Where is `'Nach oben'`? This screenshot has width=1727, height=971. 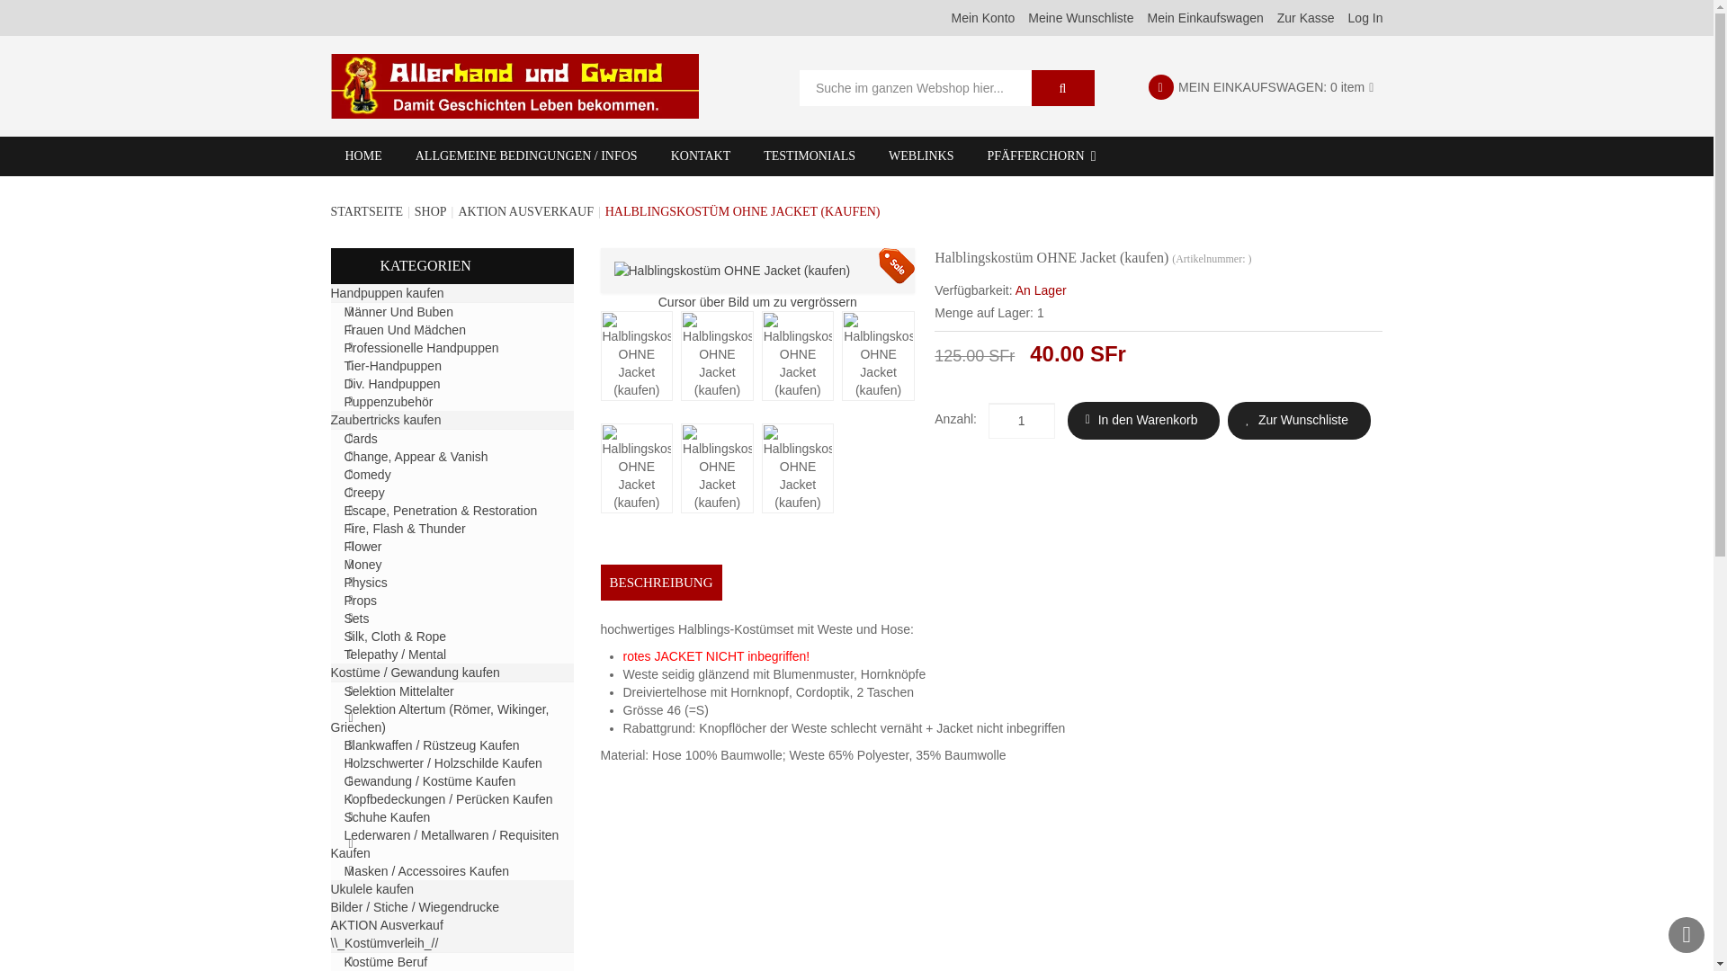
'Nach oben' is located at coordinates (1686, 934).